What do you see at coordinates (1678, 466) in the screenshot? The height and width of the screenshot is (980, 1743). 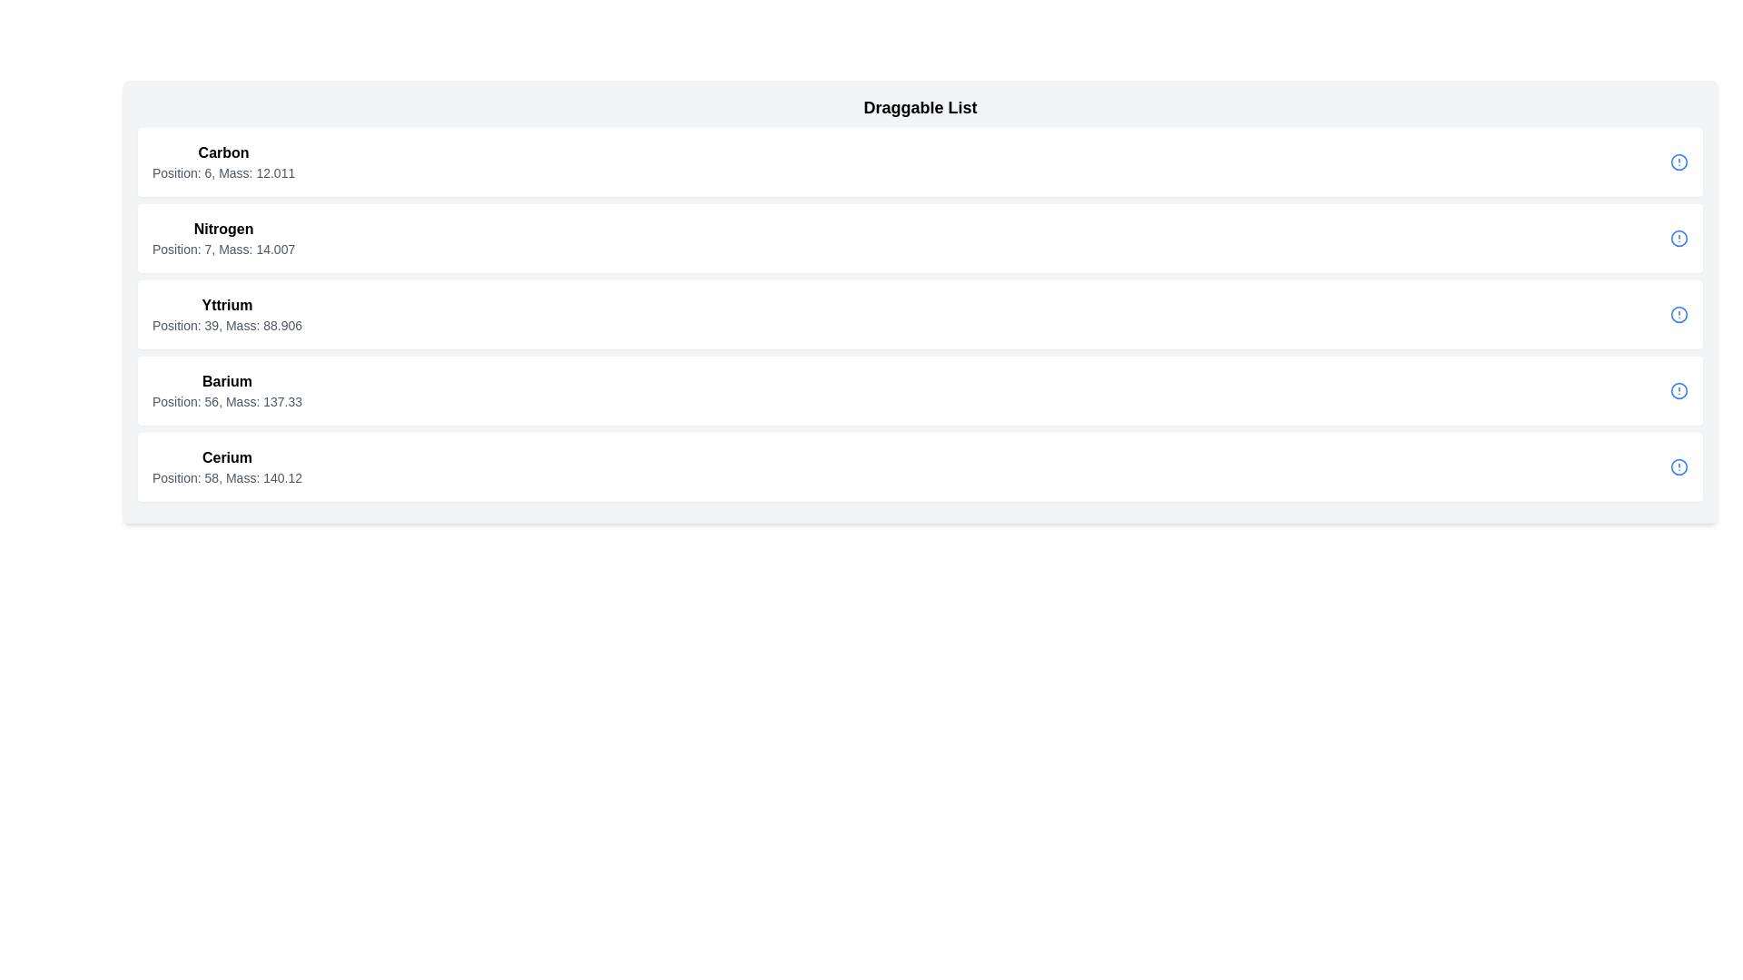 I see `the informational or alert icon at the end of the 'Cerium' row in the draggable list` at bounding box center [1678, 466].